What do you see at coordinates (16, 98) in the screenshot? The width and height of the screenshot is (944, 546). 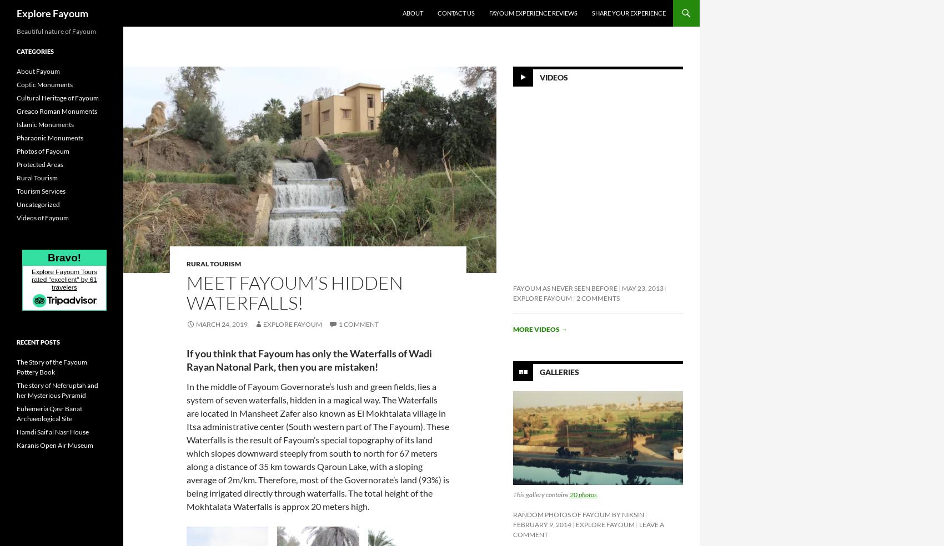 I see `'Cultural Heritage of Fayoum'` at bounding box center [16, 98].